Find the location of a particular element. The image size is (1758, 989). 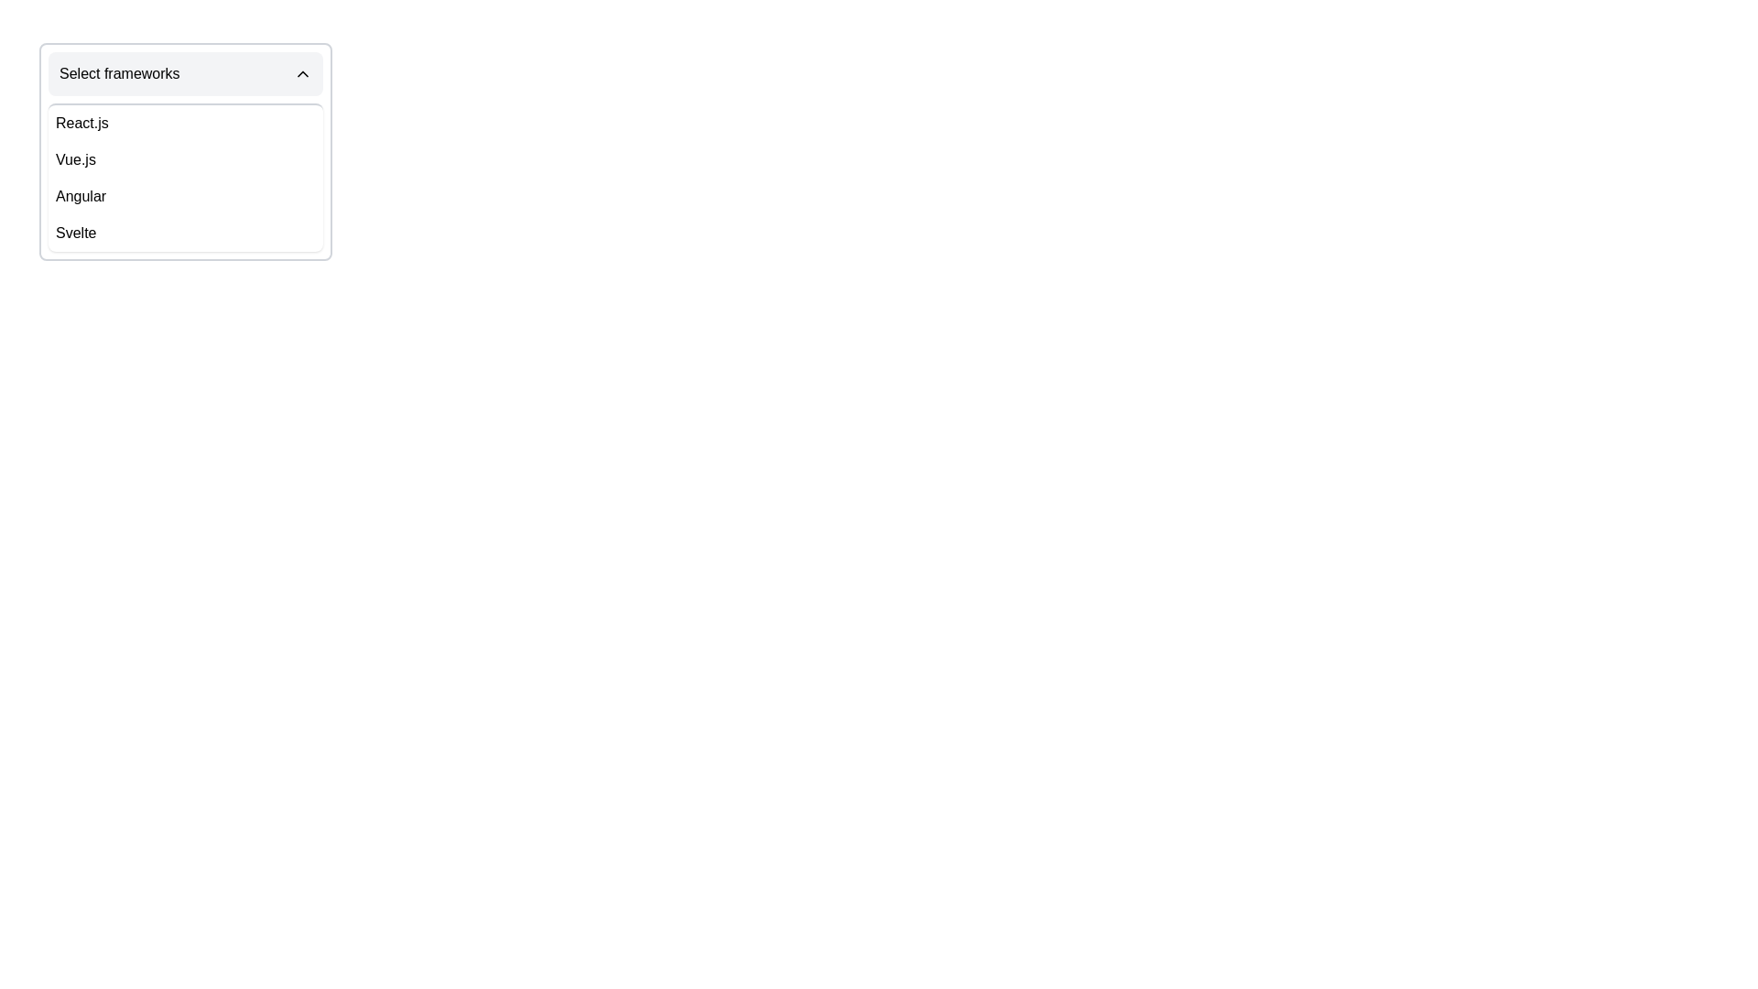

the first selectable item in the 'Select frameworks' dropdown menu is located at coordinates (185, 124).